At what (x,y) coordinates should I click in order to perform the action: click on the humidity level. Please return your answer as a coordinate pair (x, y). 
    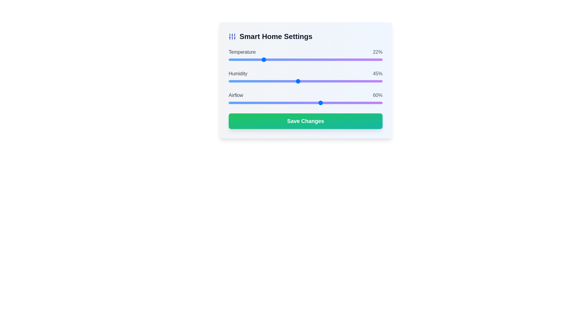
    Looking at the image, I should click on (292, 81).